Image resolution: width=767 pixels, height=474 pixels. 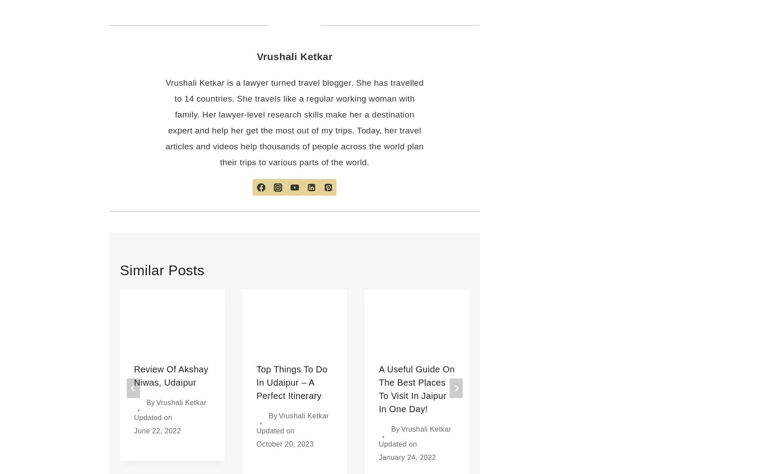 What do you see at coordinates (294, 122) in the screenshot?
I see `'Vrushali Ketkar is a lawyer turned travel blogger. She has travelled to 14 countries. She travels like a regular working woman with family. Her lawyer-level research skills make her a destination expert and help her get the most out of my trips. Today, her travel articles and videos help thousands of people across the world plan their trips to various parts of the world.'` at bounding box center [294, 122].